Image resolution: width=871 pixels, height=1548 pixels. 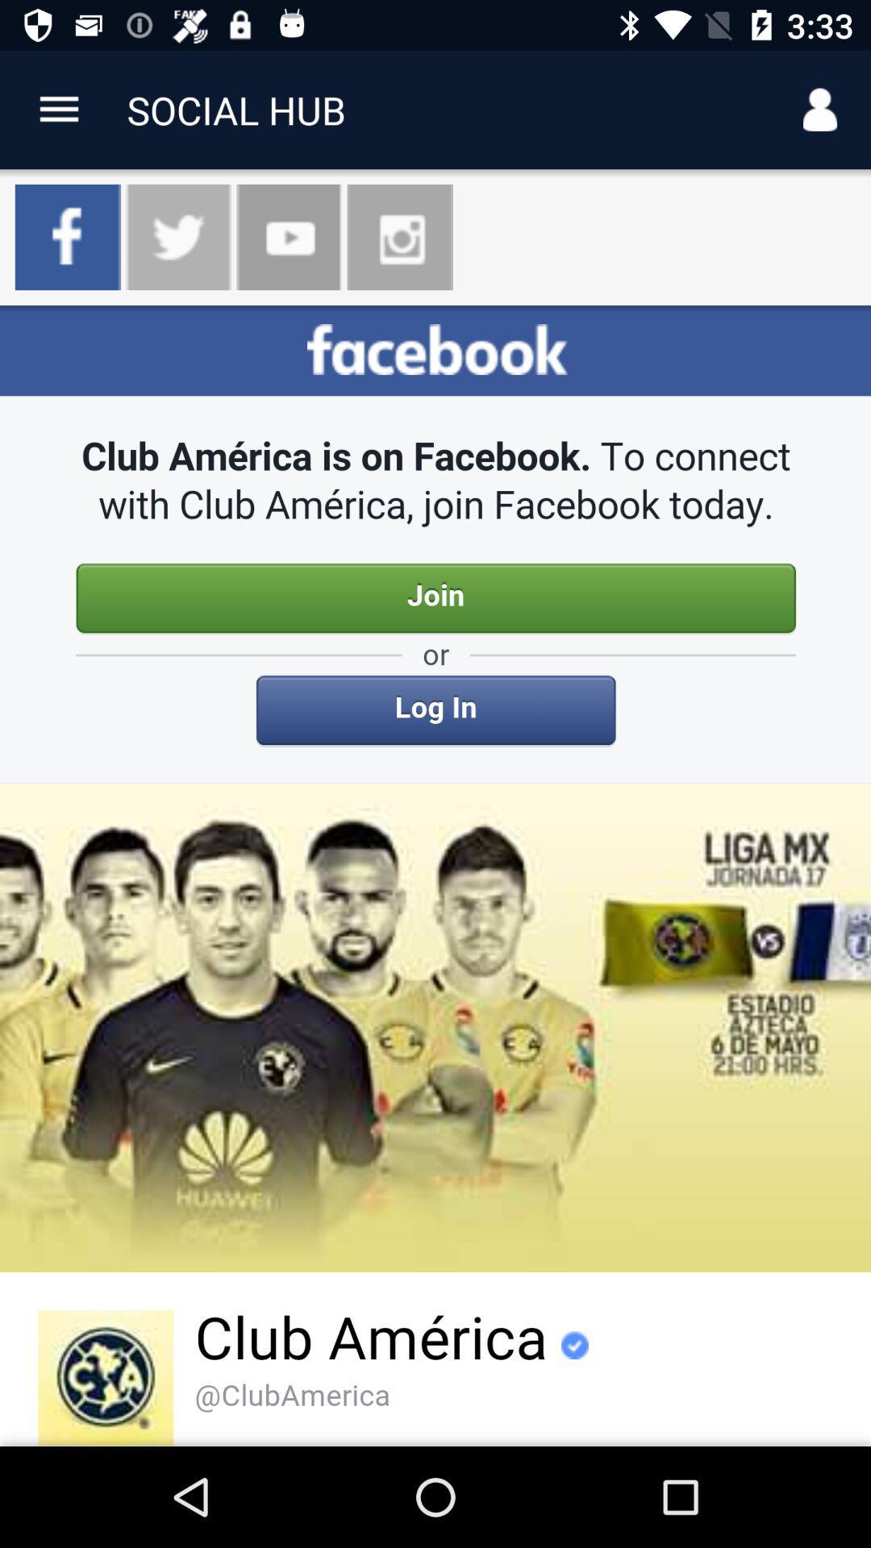 What do you see at coordinates (435, 875) in the screenshot?
I see `app open login` at bounding box center [435, 875].